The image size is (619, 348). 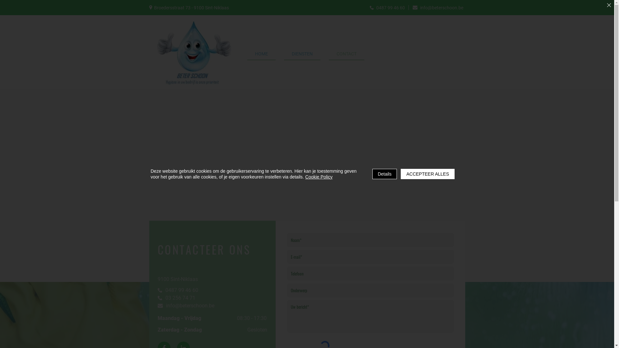 I want to click on 'ACCEPTEER ALLES', so click(x=427, y=174).